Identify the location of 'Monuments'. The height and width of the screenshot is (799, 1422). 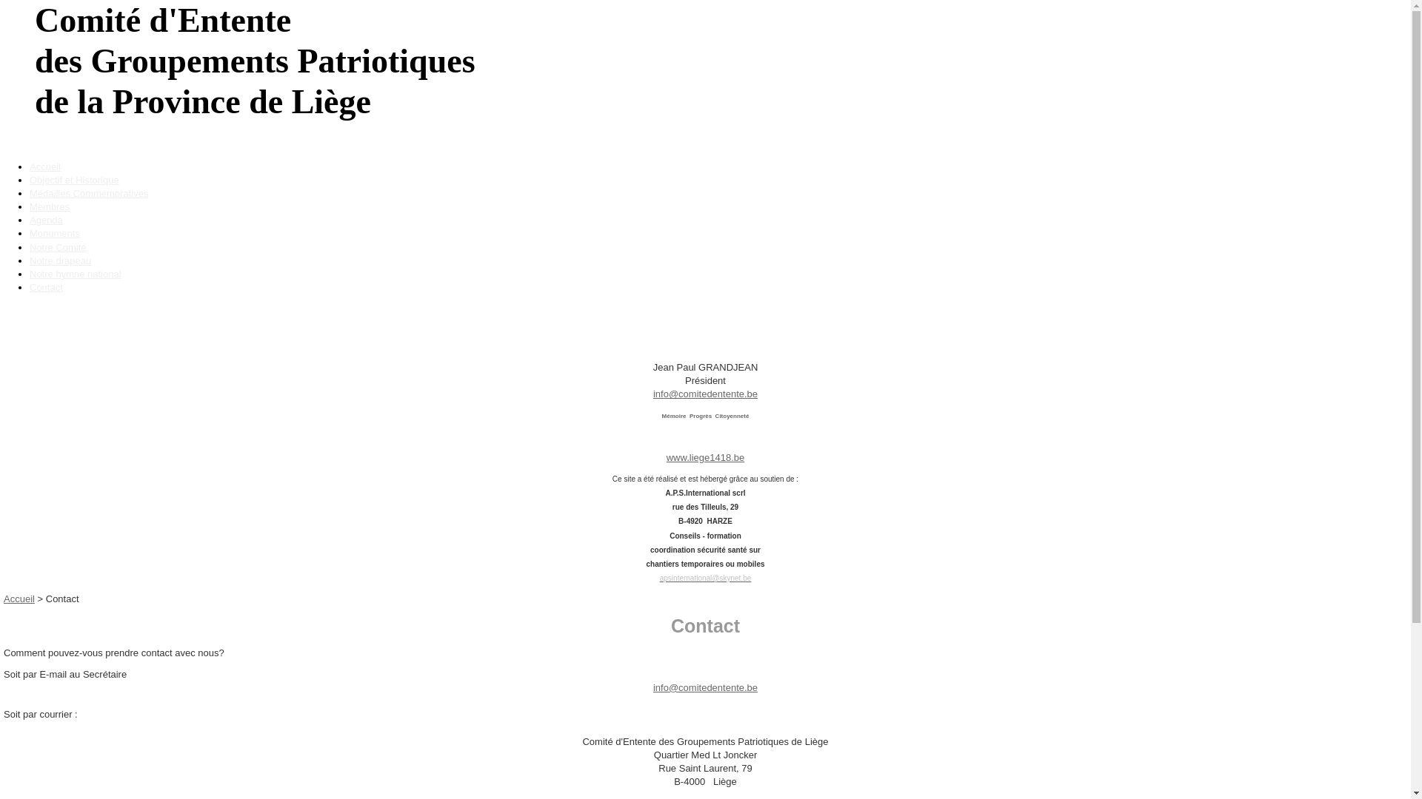
(54, 233).